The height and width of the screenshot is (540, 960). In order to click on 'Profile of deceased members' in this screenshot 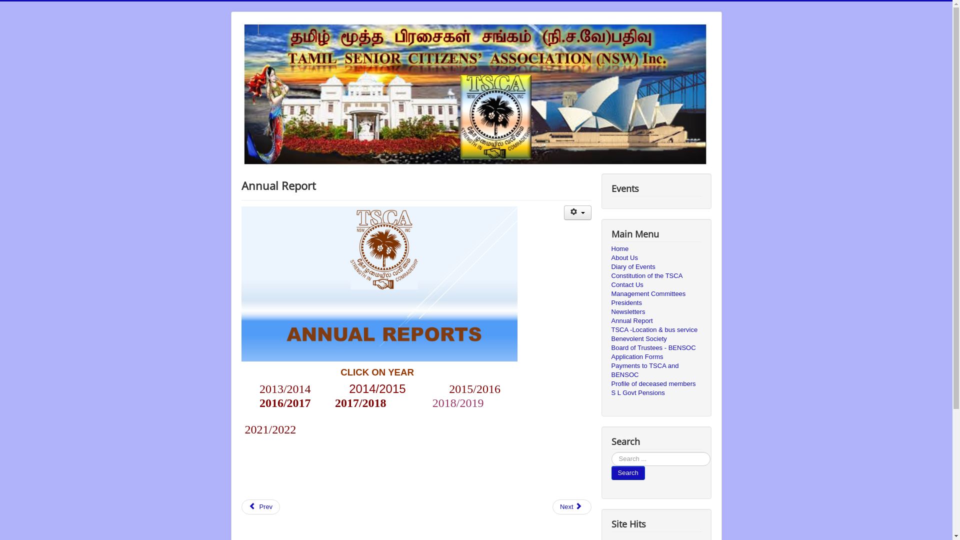, I will do `click(655, 383)`.